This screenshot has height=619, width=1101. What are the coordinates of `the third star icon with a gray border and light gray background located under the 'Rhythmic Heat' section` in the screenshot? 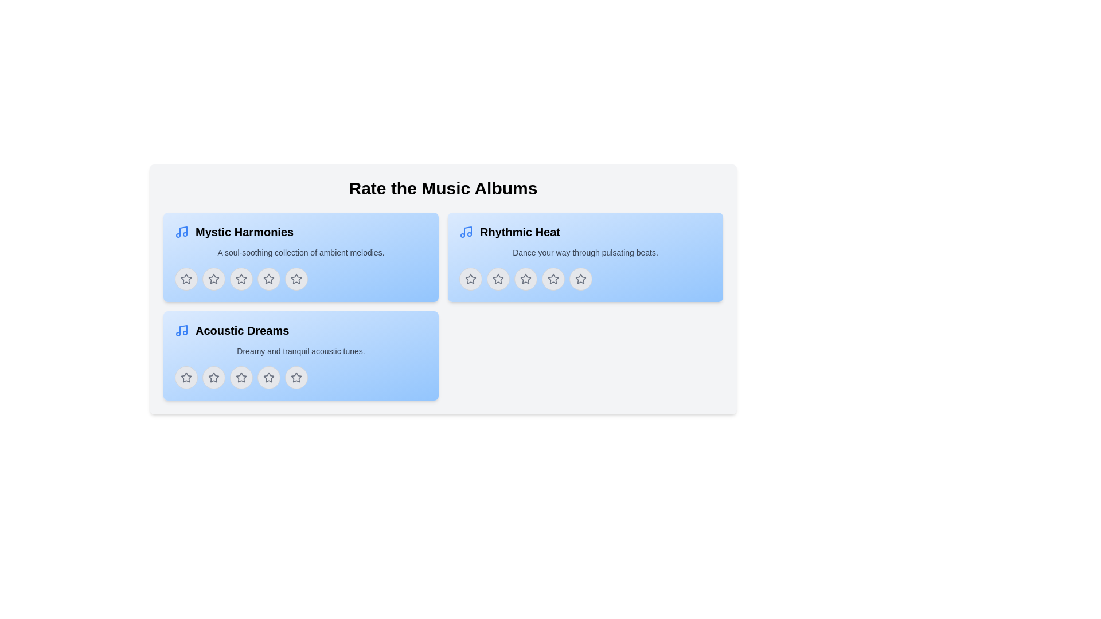 It's located at (525, 279).